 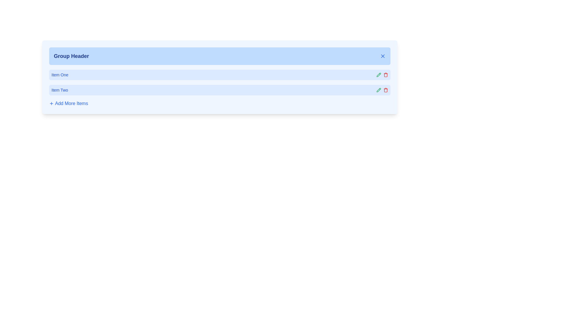 I want to click on the pencil icon edit button located to the right of 'Item Two', so click(x=379, y=74).